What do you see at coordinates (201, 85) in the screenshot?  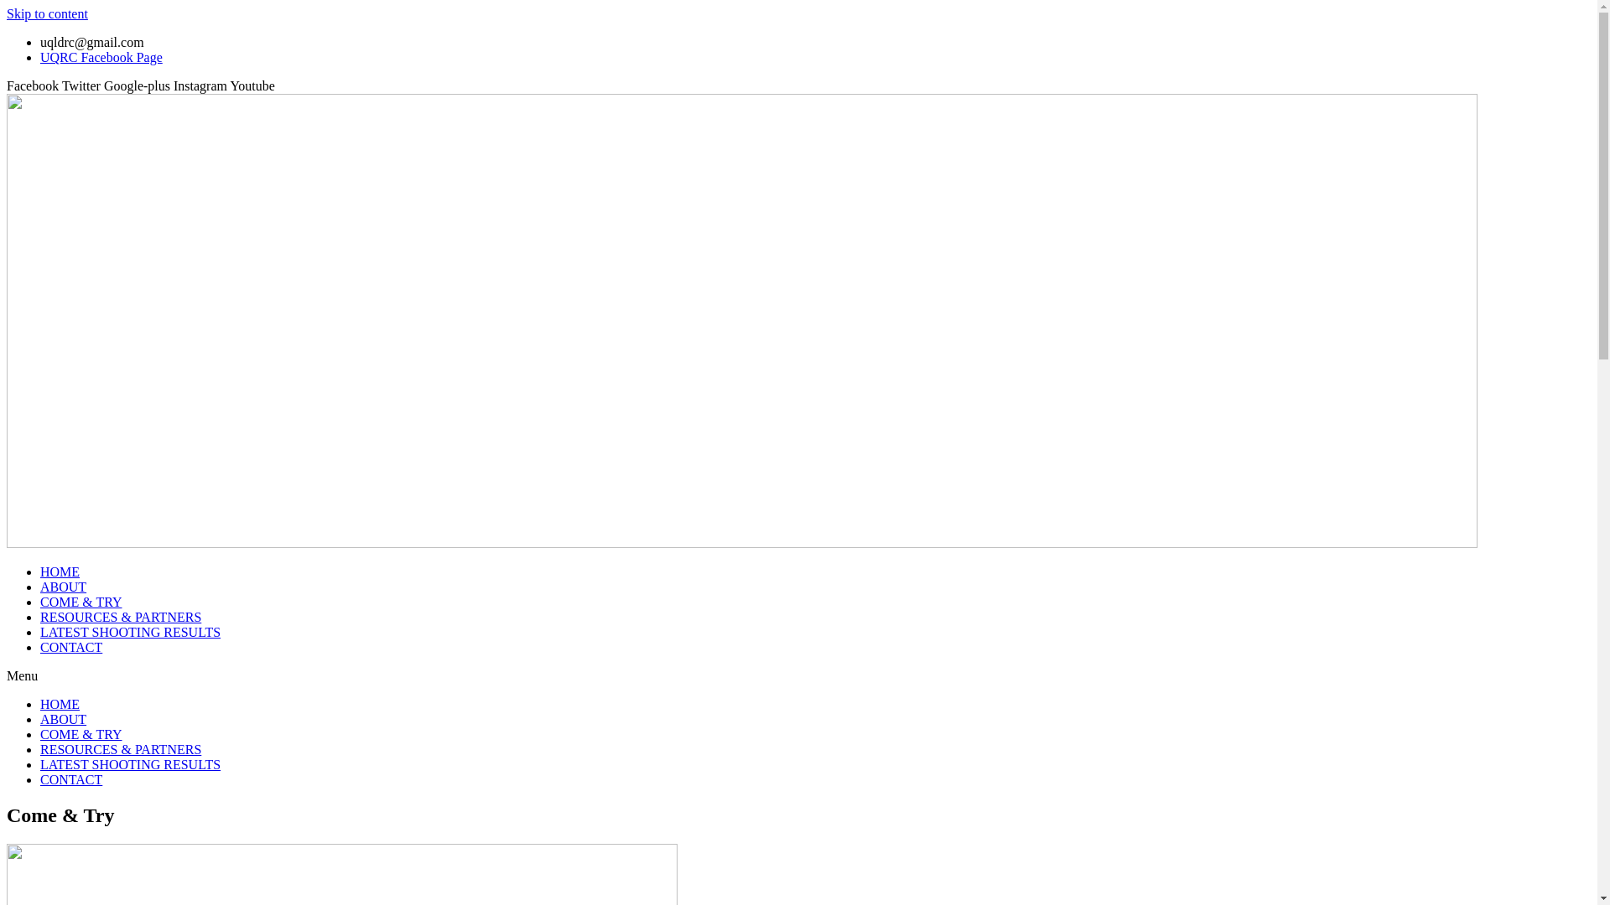 I see `'Instagram'` at bounding box center [201, 85].